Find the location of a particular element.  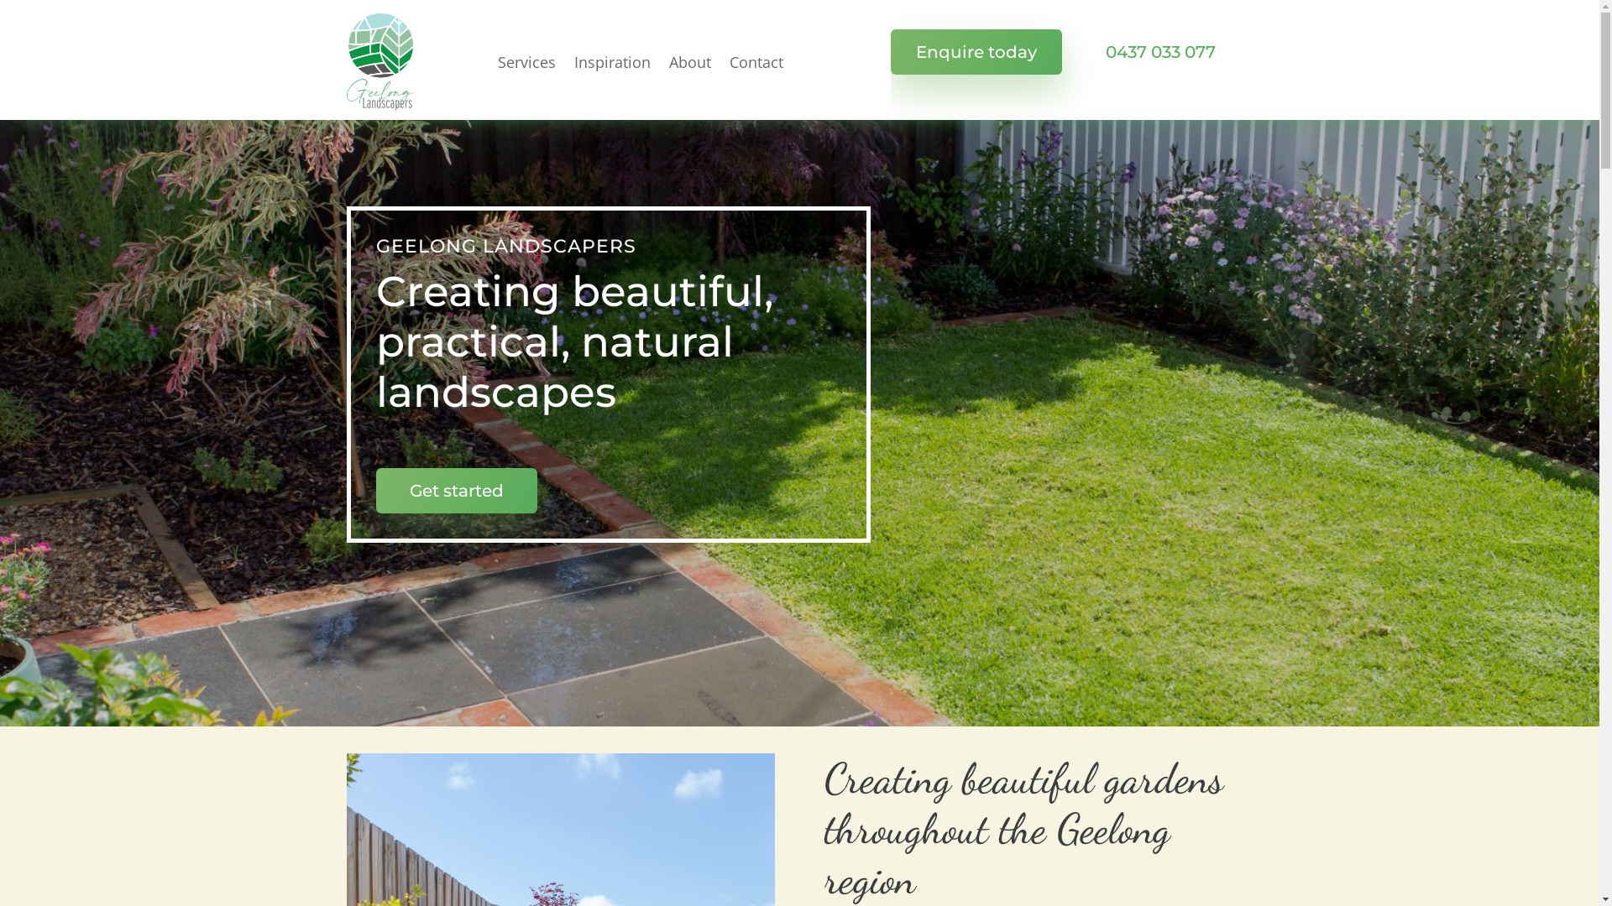

'Inspiration' is located at coordinates (611, 60).